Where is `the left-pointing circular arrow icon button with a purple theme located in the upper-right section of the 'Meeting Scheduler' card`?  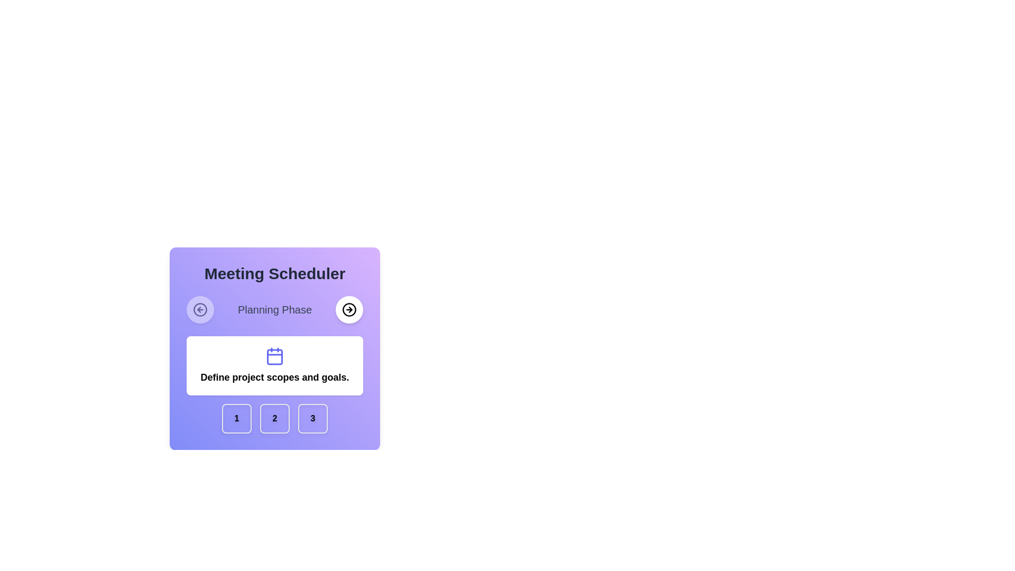
the left-pointing circular arrow icon button with a purple theme located in the upper-right section of the 'Meeting Scheduler' card is located at coordinates (200, 309).